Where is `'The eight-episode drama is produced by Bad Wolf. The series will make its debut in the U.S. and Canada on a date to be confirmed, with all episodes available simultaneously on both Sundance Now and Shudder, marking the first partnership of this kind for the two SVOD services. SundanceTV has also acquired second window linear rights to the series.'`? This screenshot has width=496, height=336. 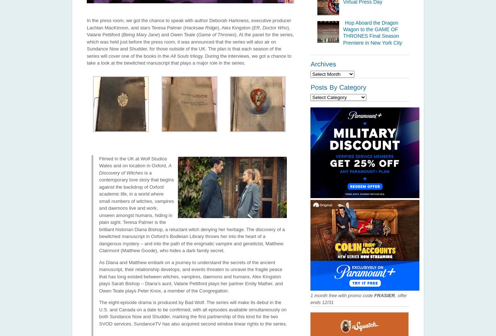 'The eight-episode drama is produced by Bad Wolf. The series will make its debut in the U.S. and Canada on a date to be confirmed, with all episodes available simultaneously on both Sundance Now and Shudder, marking the first partnership of this kind for the two SVOD services. SundanceTV has also acquired second window linear rights to the series.' is located at coordinates (193, 313).